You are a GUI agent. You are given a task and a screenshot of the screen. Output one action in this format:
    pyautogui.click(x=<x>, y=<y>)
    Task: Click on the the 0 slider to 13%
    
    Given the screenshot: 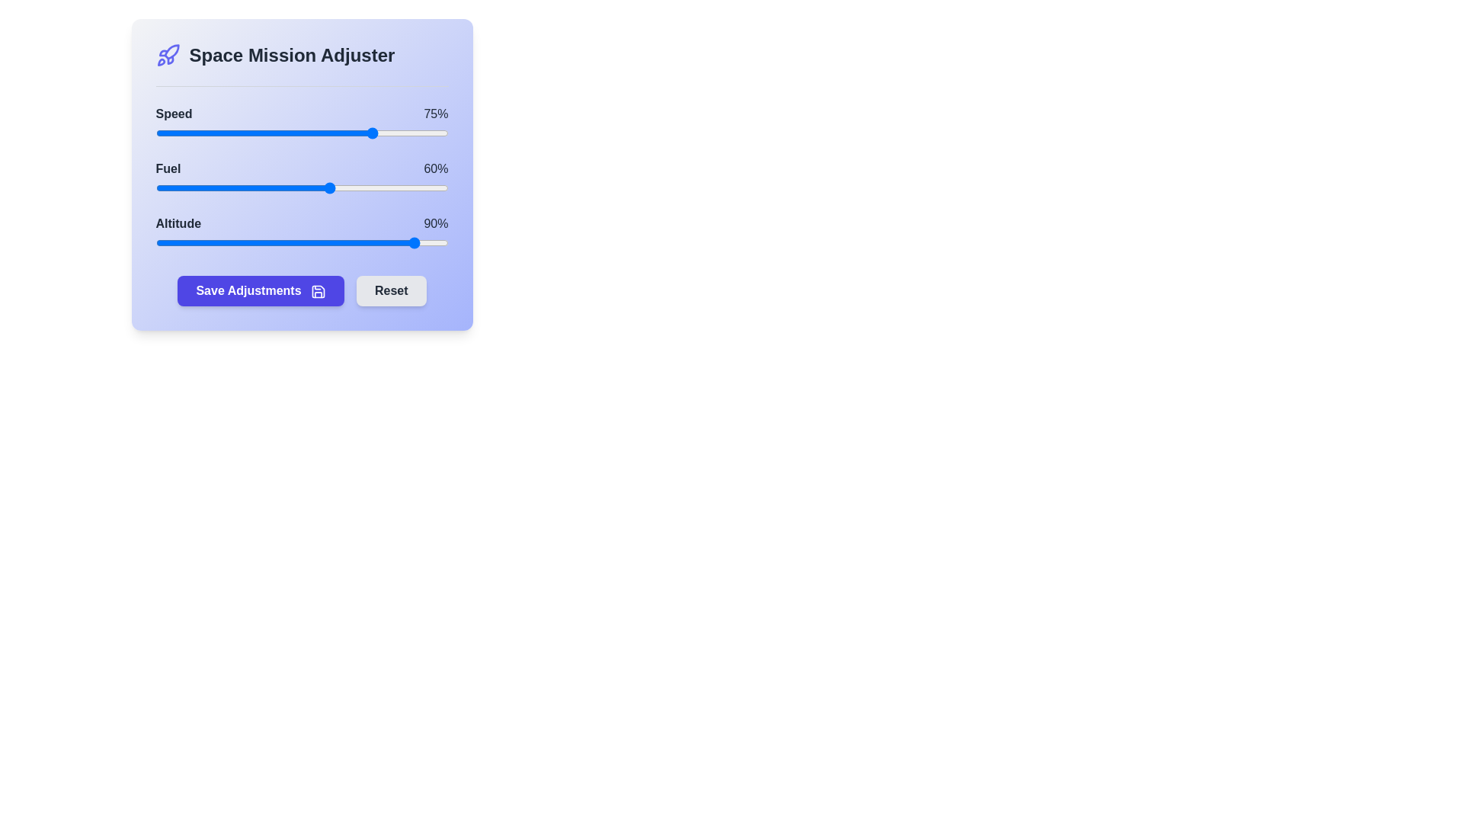 What is the action you would take?
    pyautogui.click(x=193, y=132)
    